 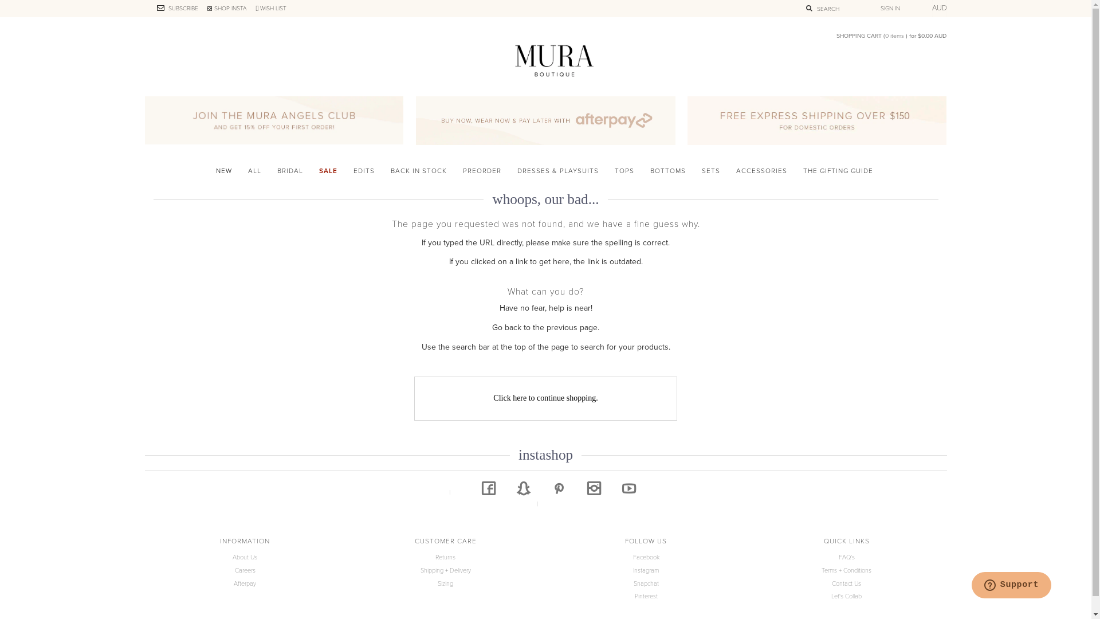 I want to click on 'DRESSES & PLAYSUITS', so click(x=510, y=171).